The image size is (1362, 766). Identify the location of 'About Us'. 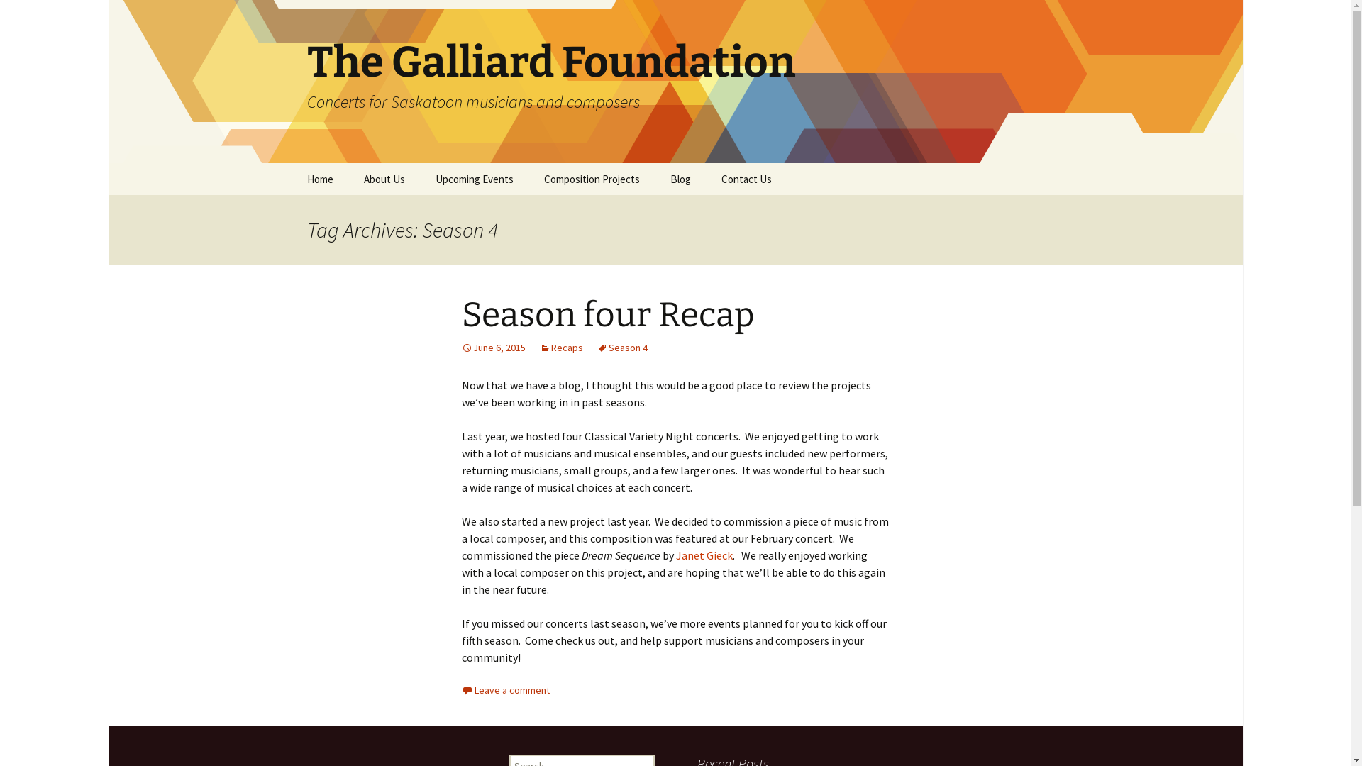
(348, 178).